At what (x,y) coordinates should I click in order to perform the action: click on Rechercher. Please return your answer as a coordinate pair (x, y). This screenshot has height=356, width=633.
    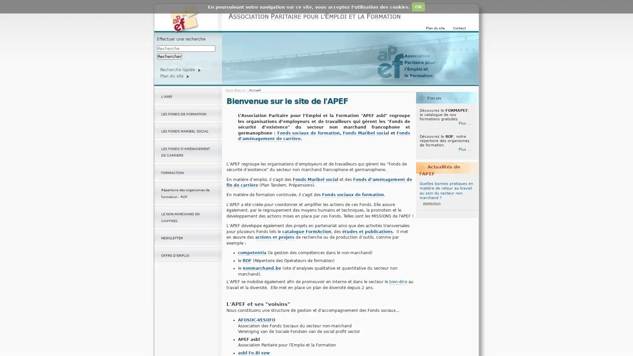
    Looking at the image, I should click on (169, 56).